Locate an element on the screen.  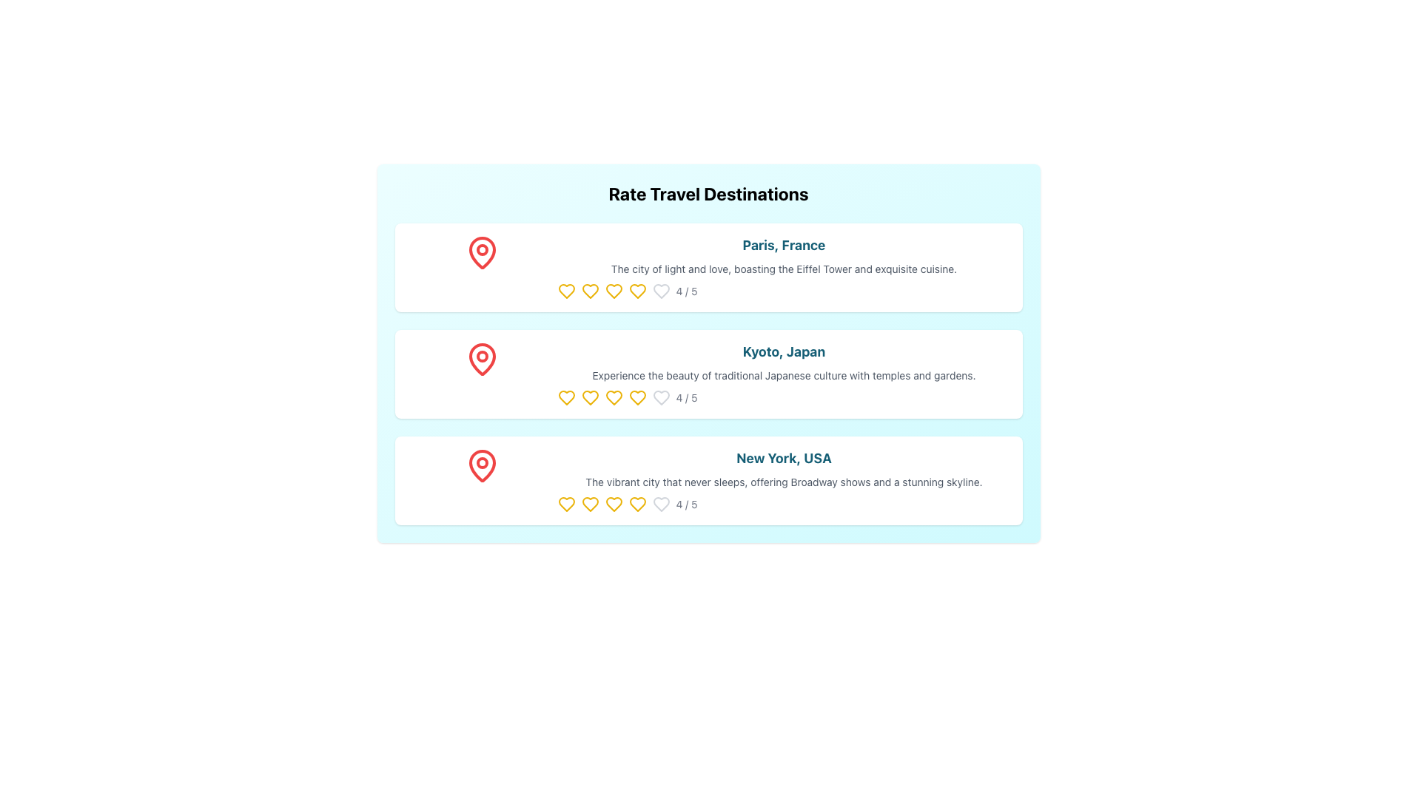
the third heart icon in the rating section under the text 'Kyoto, Japan' is located at coordinates (614, 397).